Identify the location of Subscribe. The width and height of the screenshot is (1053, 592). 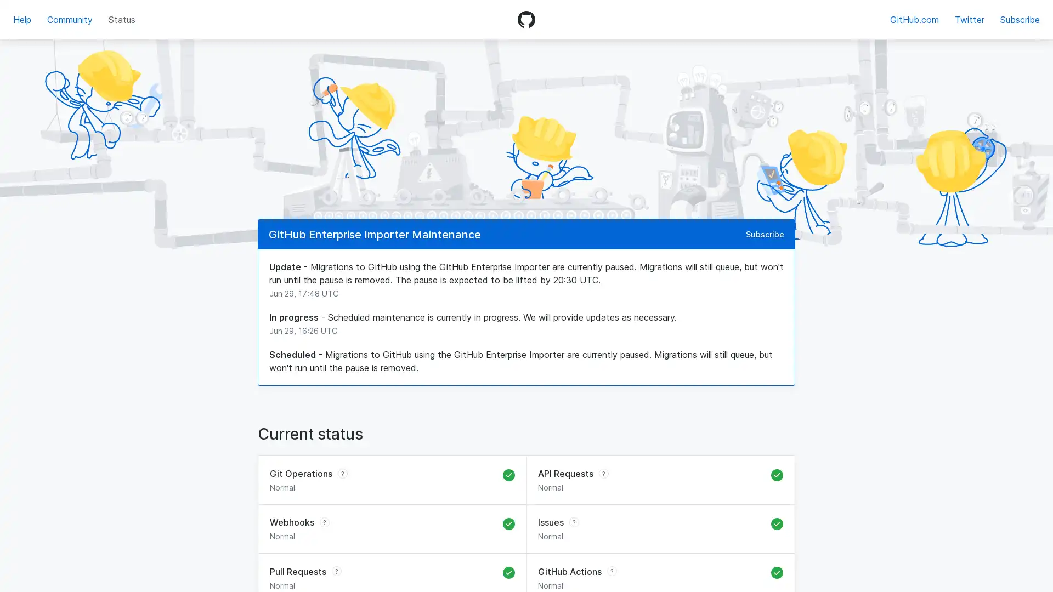
(765, 234).